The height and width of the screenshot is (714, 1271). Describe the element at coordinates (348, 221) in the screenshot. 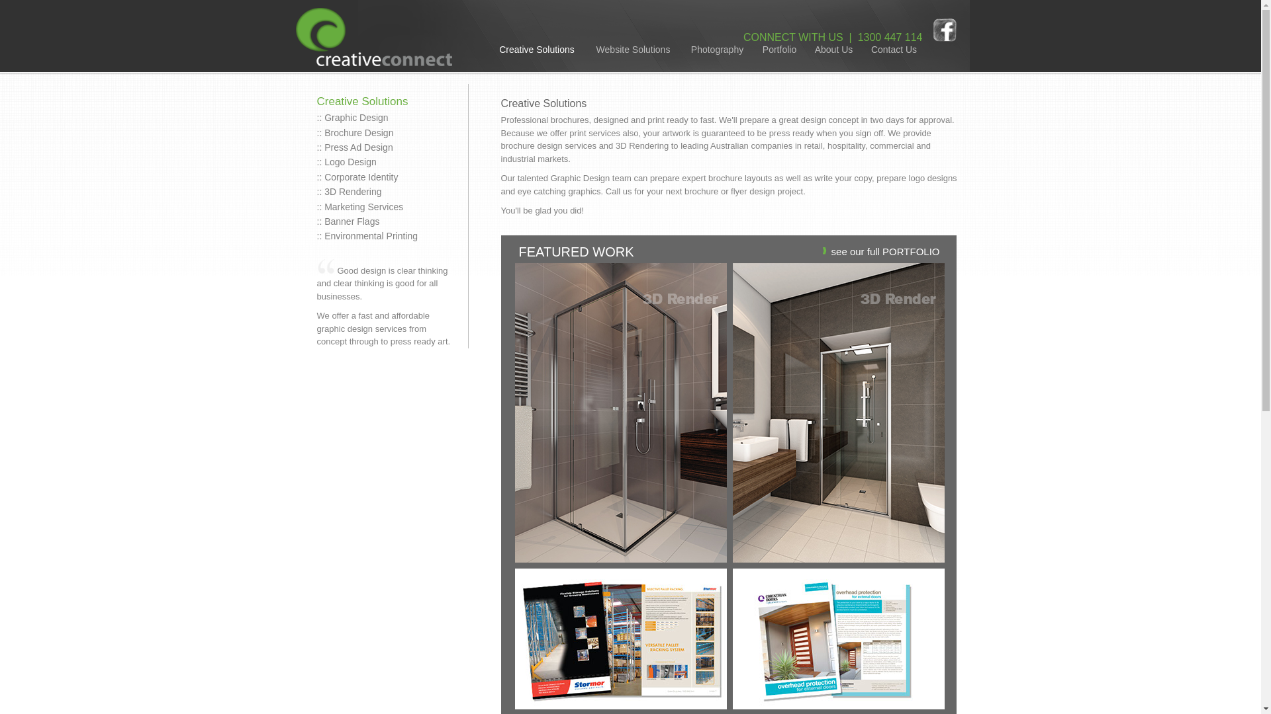

I see `':: Banner Flags'` at that location.